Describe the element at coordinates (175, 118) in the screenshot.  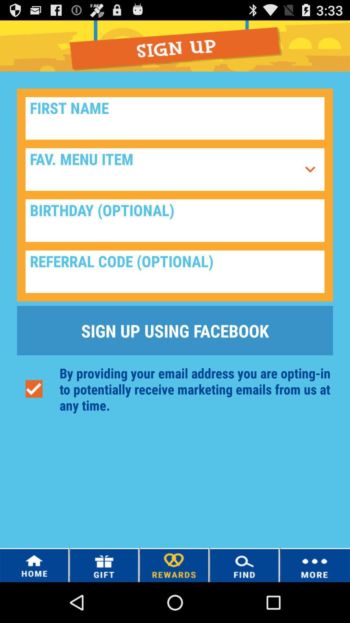
I see `name input` at that location.